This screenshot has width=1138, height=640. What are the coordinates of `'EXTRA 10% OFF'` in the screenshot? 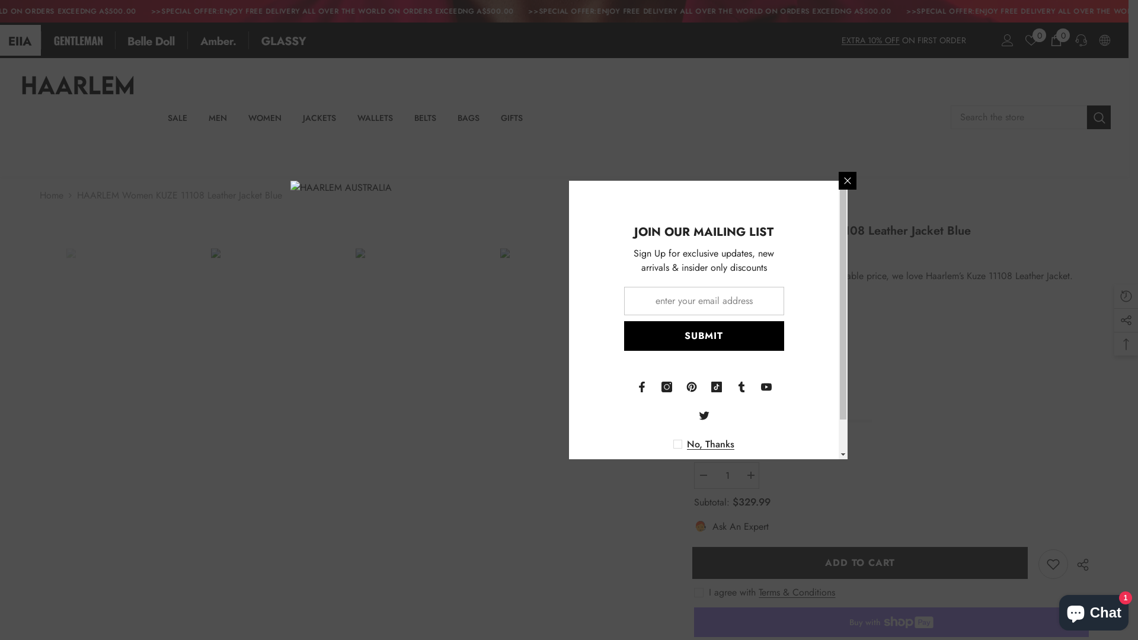 It's located at (841, 40).